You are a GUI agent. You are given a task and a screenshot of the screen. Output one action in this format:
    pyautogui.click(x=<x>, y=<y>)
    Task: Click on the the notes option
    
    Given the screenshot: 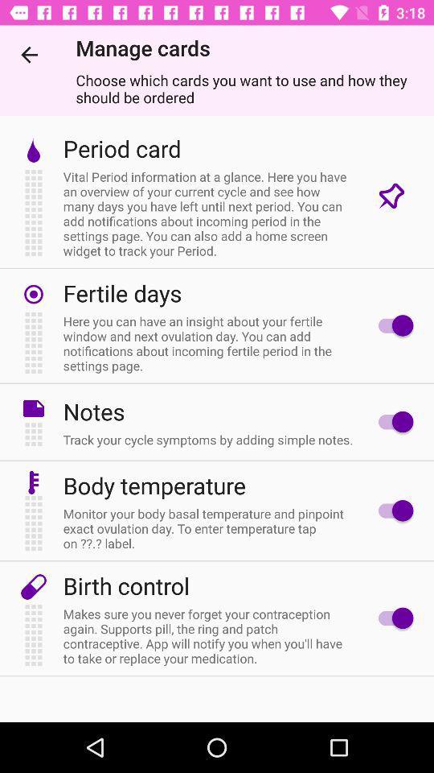 What is the action you would take?
    pyautogui.click(x=391, y=421)
    